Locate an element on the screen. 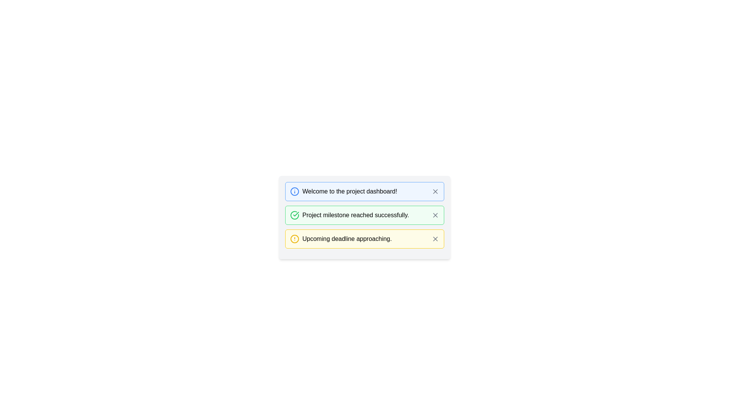 The width and height of the screenshot is (734, 413). the Decorative icon, which is a circular icon with a blue outline located to the left of the text 'Welcome to the project dashboard!' is located at coordinates (294, 191).